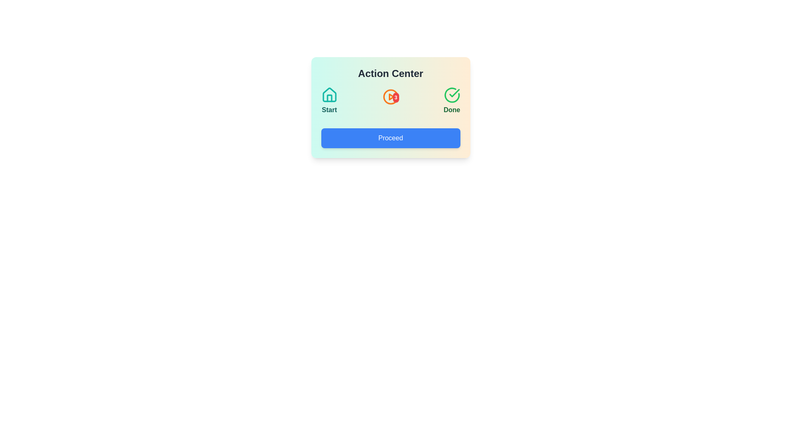  What do you see at coordinates (390, 138) in the screenshot?
I see `the blue rectangular button labeled 'Proceed' located at the bottom center of the 'Action Center' card to proceed` at bounding box center [390, 138].